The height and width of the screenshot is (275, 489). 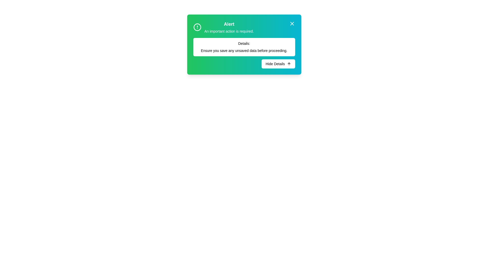 What do you see at coordinates (197, 27) in the screenshot?
I see `the circular icon with an exclamation mark inside, which is styled with a line drawing and has a green background, located at the far left of the notification box containing the text 'Alert' and 'An important action is required.'` at bounding box center [197, 27].